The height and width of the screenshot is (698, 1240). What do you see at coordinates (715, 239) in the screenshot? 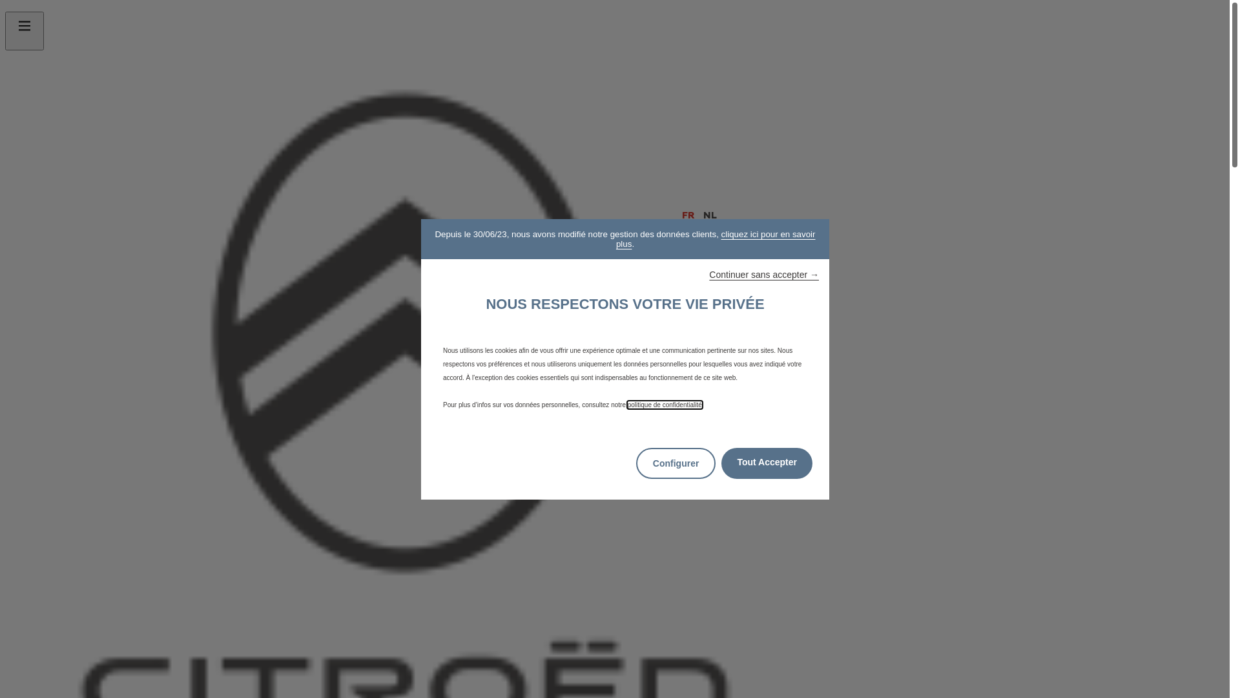
I see `'cliquez ici pour en savoir plus'` at bounding box center [715, 239].